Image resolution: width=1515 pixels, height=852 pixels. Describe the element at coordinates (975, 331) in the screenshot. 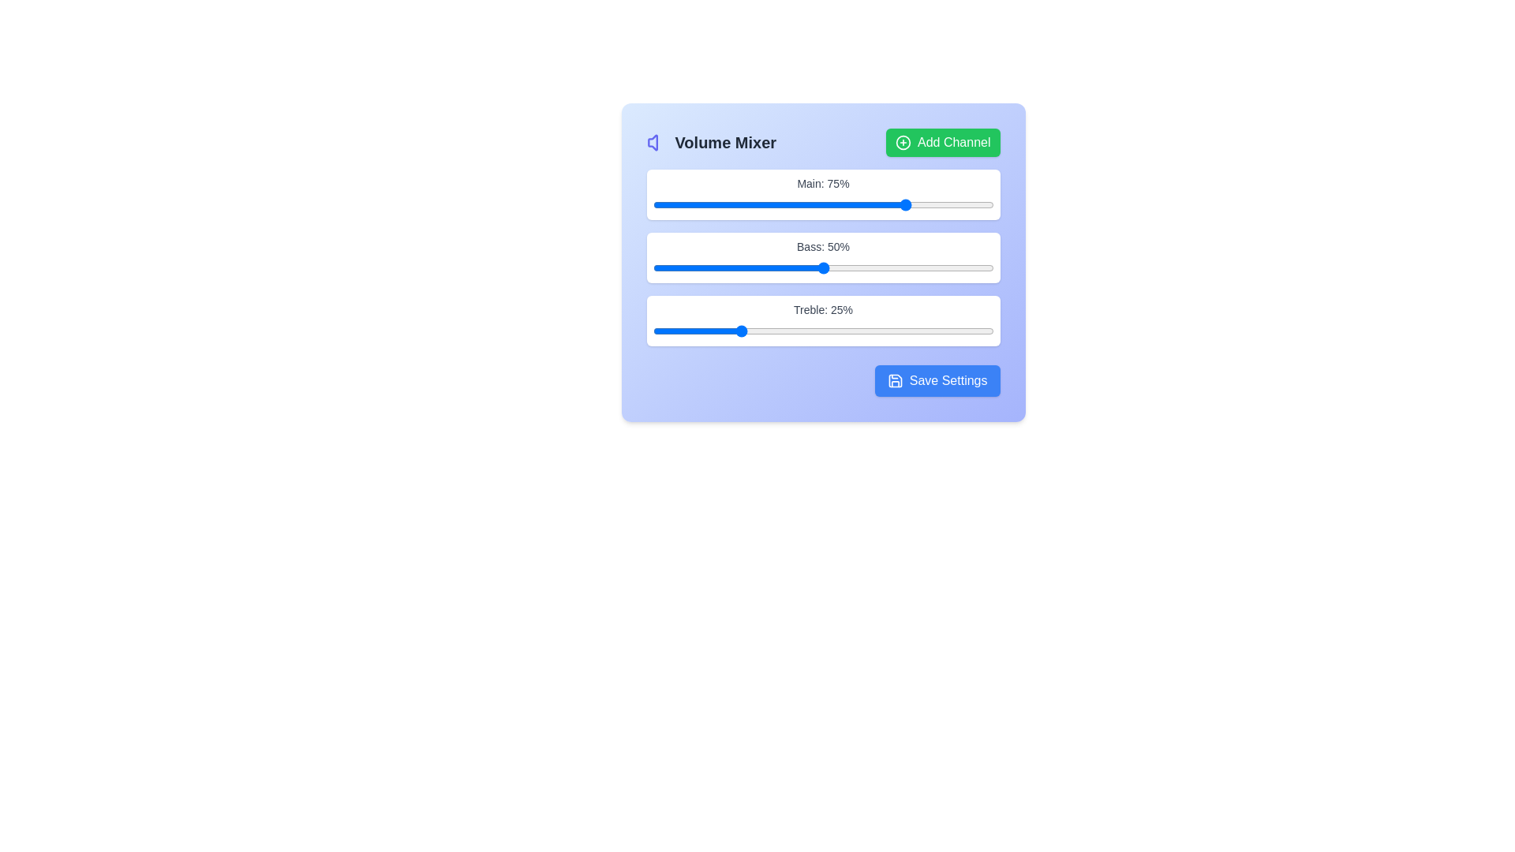

I see `the treble level` at that location.